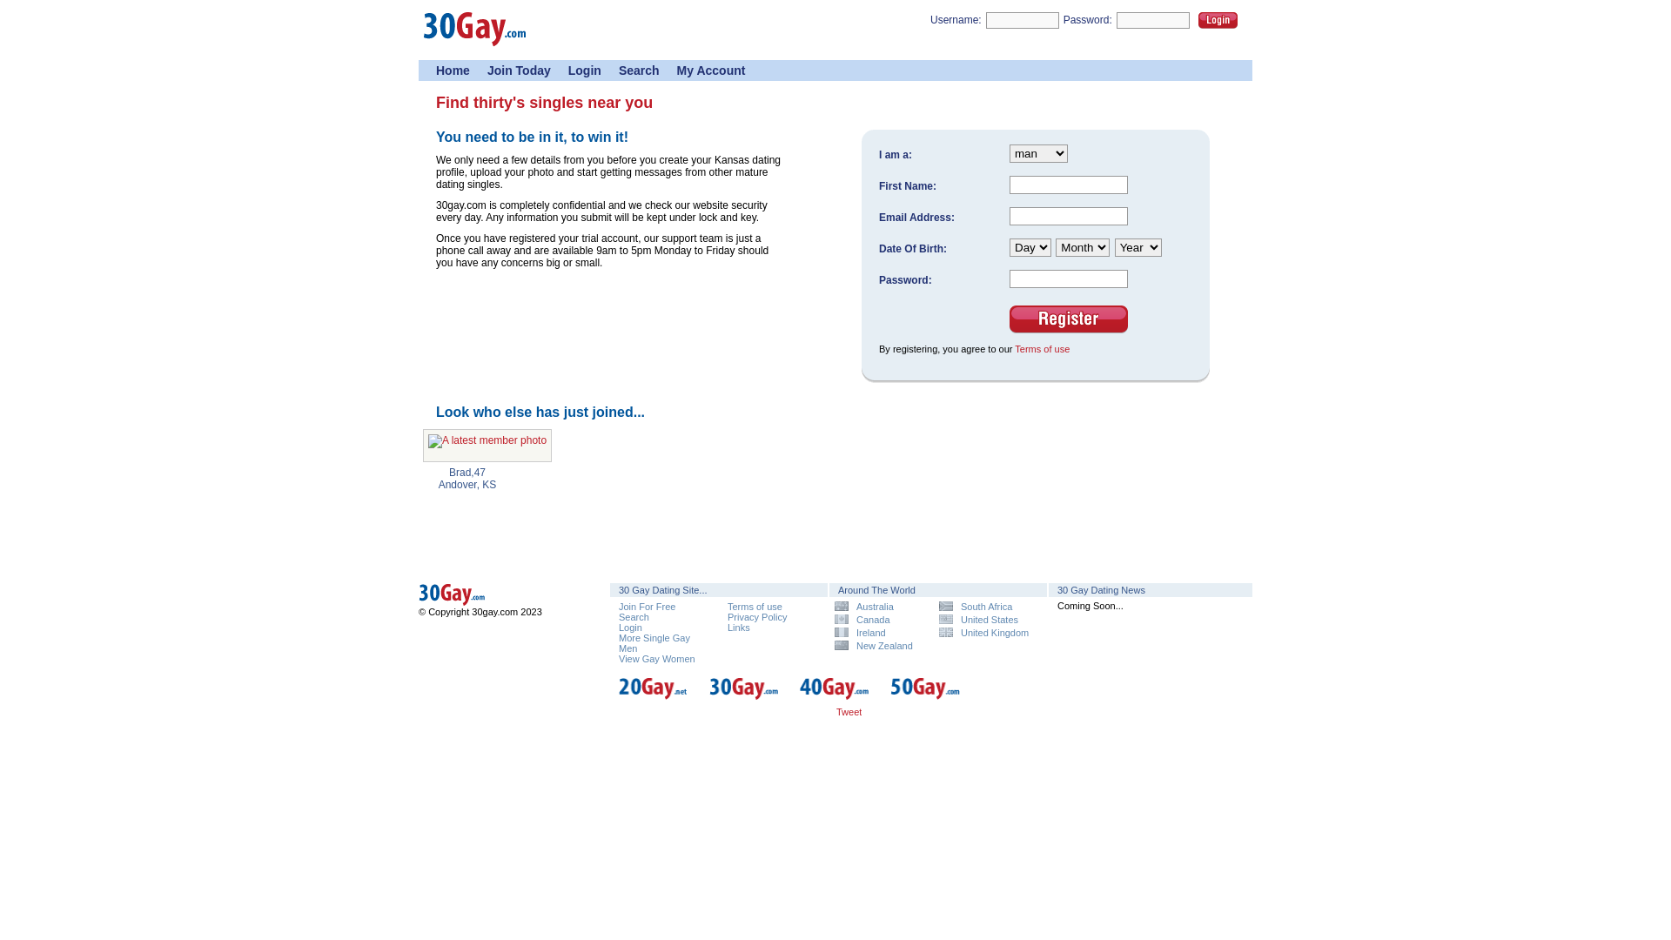 The image size is (1671, 940). What do you see at coordinates (889, 696) in the screenshot?
I see `'50 Gay Dating - 50gay.com'` at bounding box center [889, 696].